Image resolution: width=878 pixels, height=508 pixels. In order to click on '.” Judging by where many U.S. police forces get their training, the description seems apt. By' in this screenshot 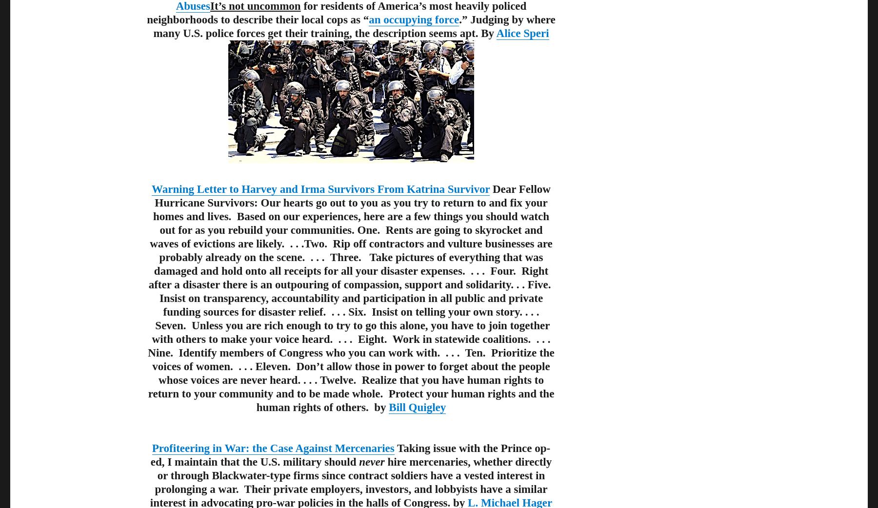, I will do `click(353, 26)`.